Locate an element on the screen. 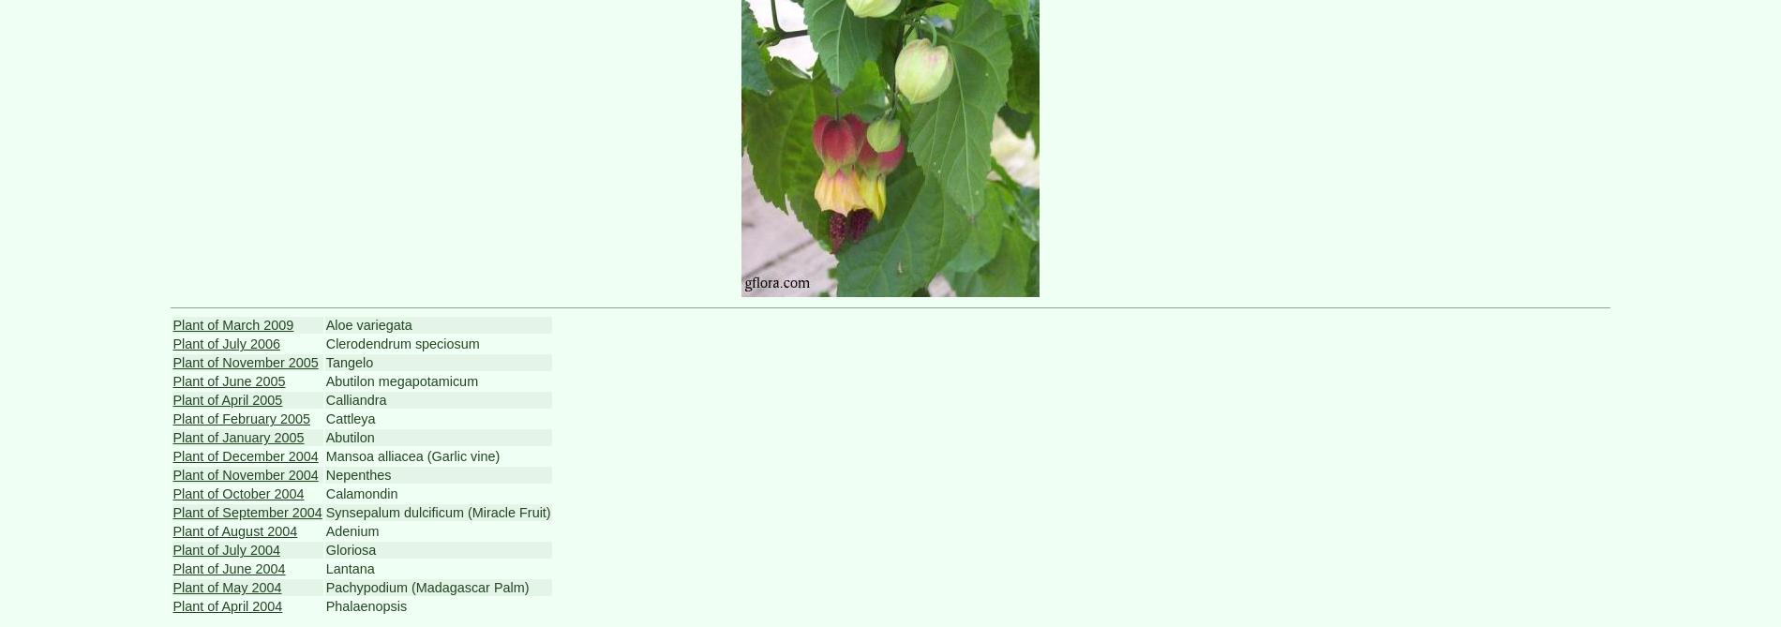 This screenshot has height=627, width=1781. 'Abutilon megapotamicum' is located at coordinates (400, 381).